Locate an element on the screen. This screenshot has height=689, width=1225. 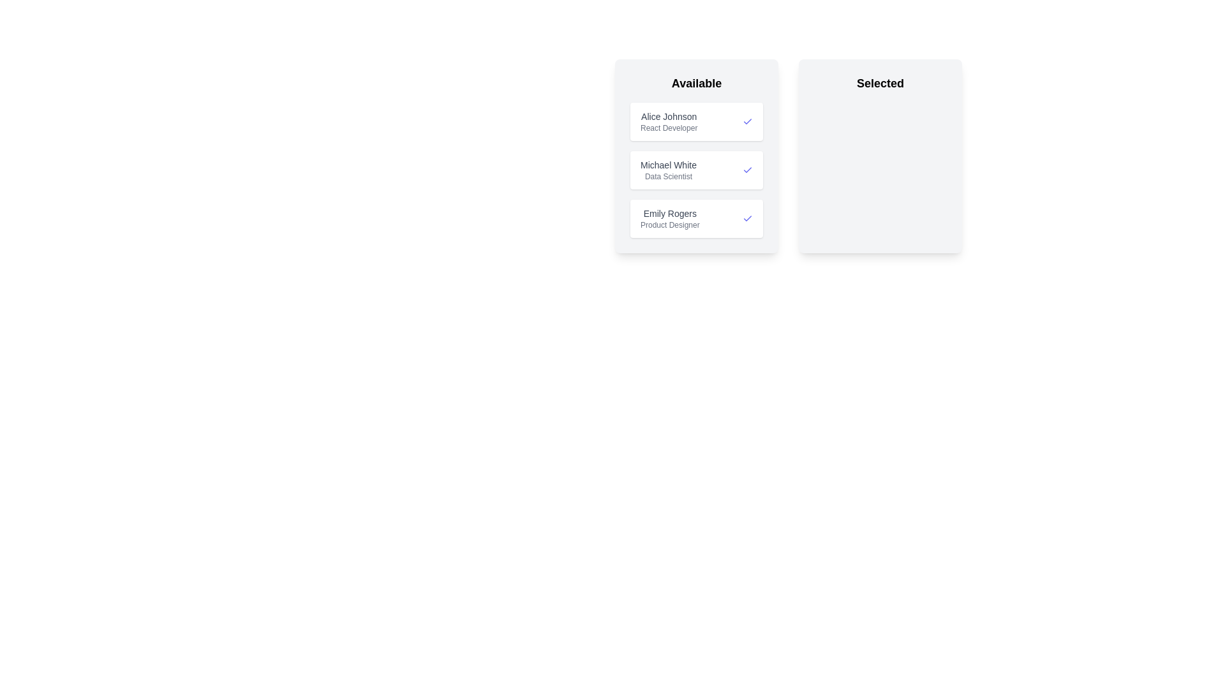
the candidate entry Alice Johnson is located at coordinates (695, 122).